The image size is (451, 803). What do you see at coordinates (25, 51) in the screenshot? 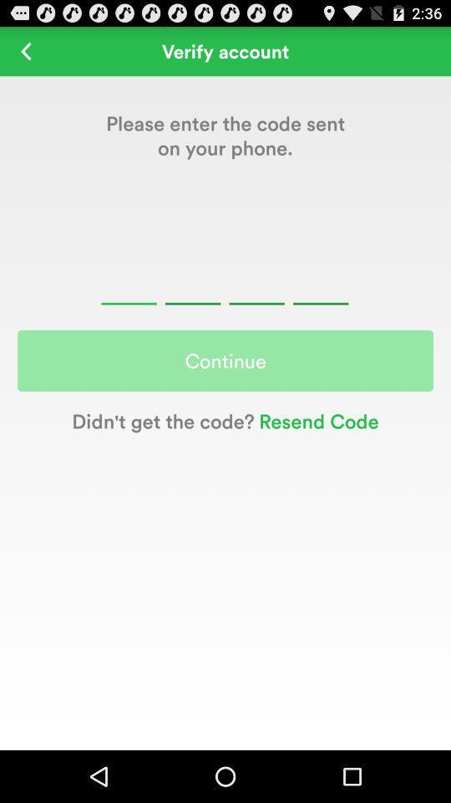
I see `back to previous menu` at bounding box center [25, 51].